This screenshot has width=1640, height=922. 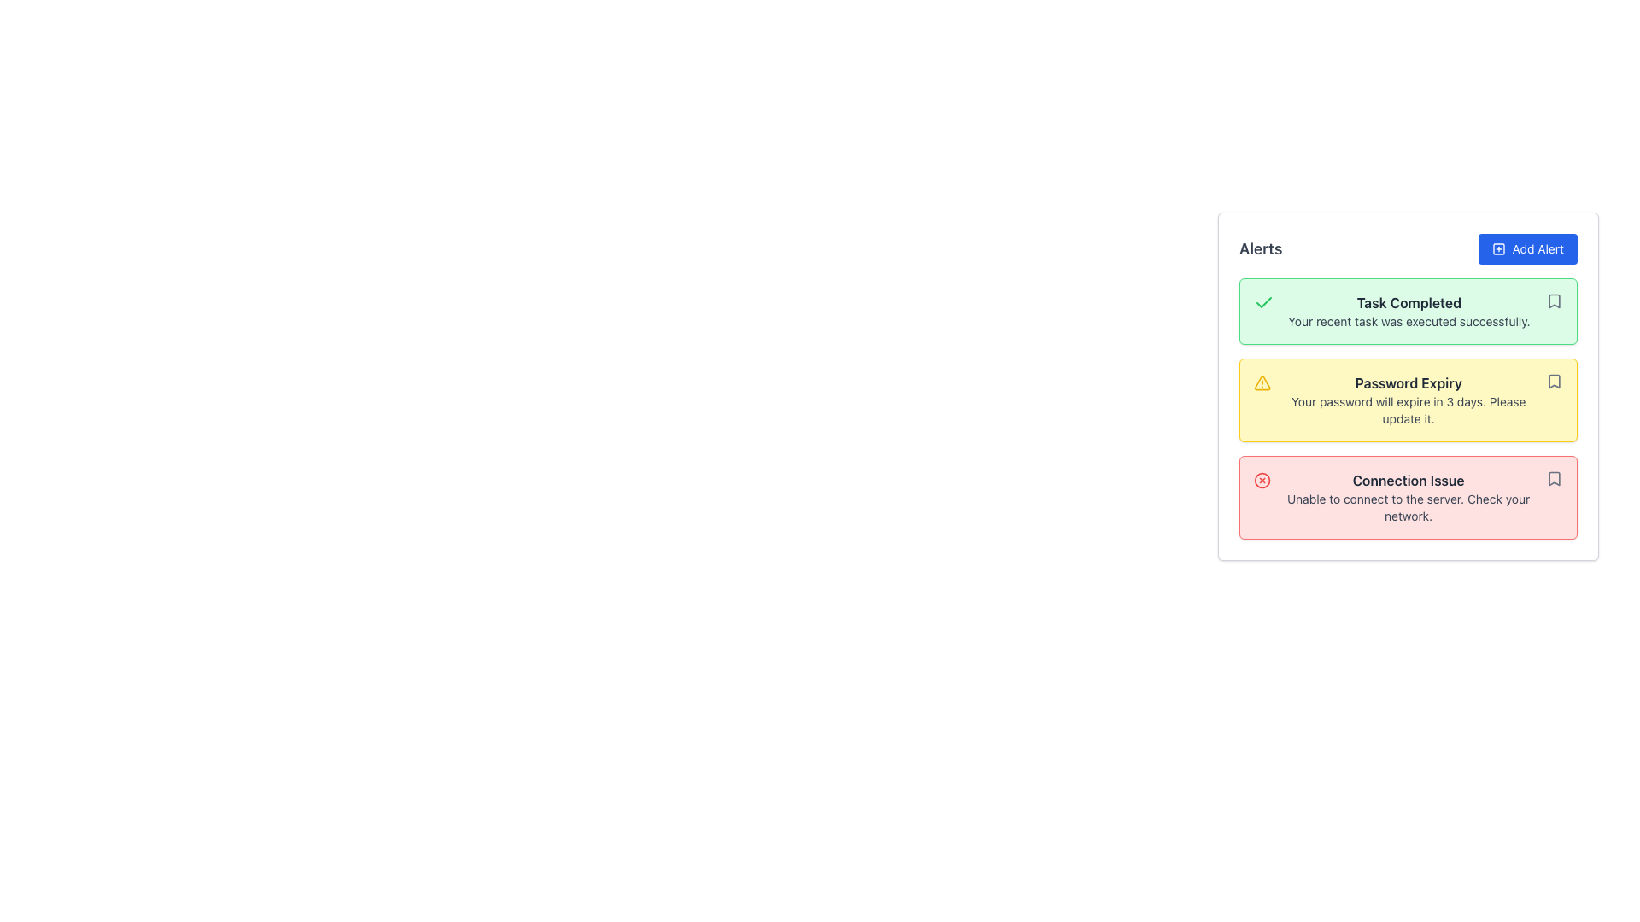 What do you see at coordinates (1409, 400) in the screenshot?
I see `the Notification card with a yellow background and a warning icon, titled 'Password Expiry', which is the second card in the vertical stack of notifications` at bounding box center [1409, 400].